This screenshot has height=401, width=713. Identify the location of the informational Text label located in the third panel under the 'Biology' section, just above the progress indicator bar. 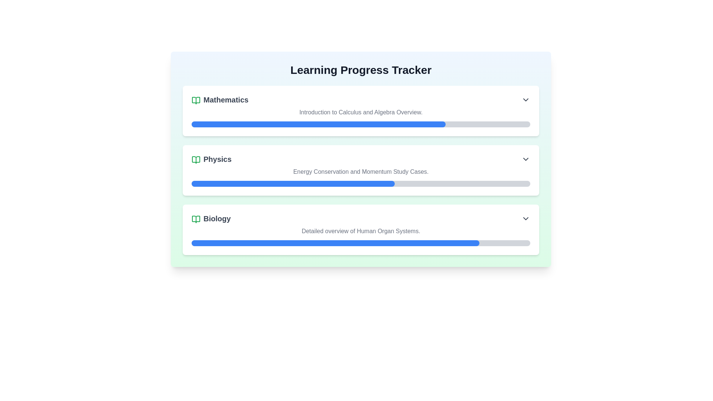
(361, 231).